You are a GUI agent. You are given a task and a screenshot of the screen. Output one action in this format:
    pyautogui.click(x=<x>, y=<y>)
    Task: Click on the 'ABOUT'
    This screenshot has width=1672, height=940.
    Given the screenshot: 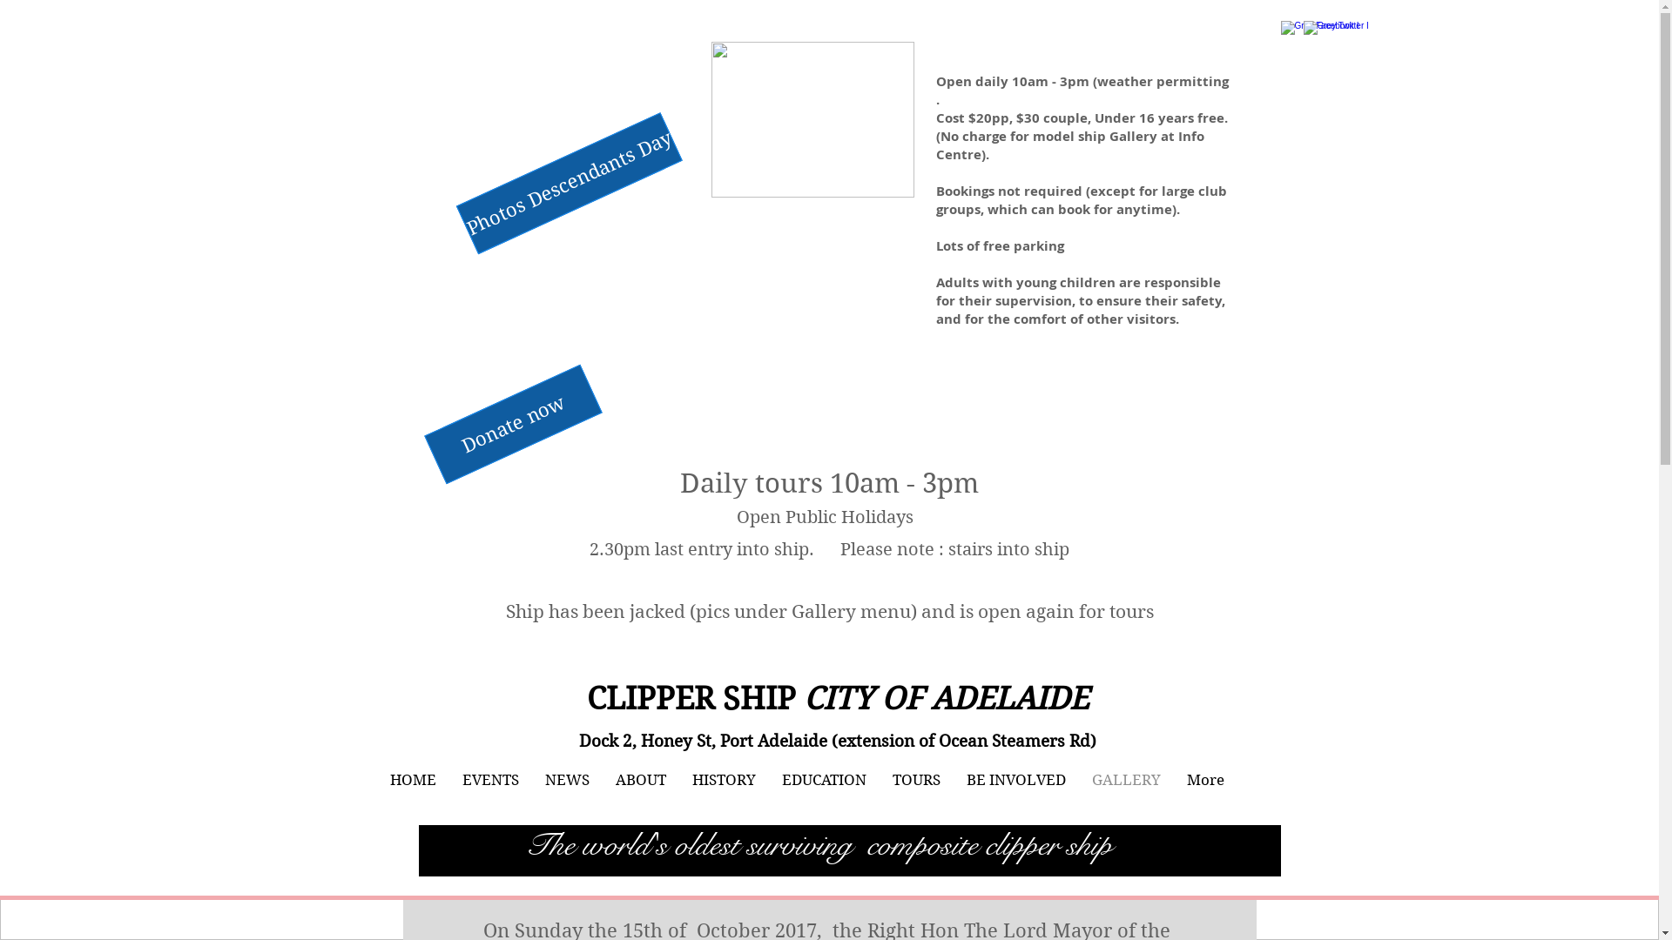 What is the action you would take?
    pyautogui.click(x=602, y=779)
    